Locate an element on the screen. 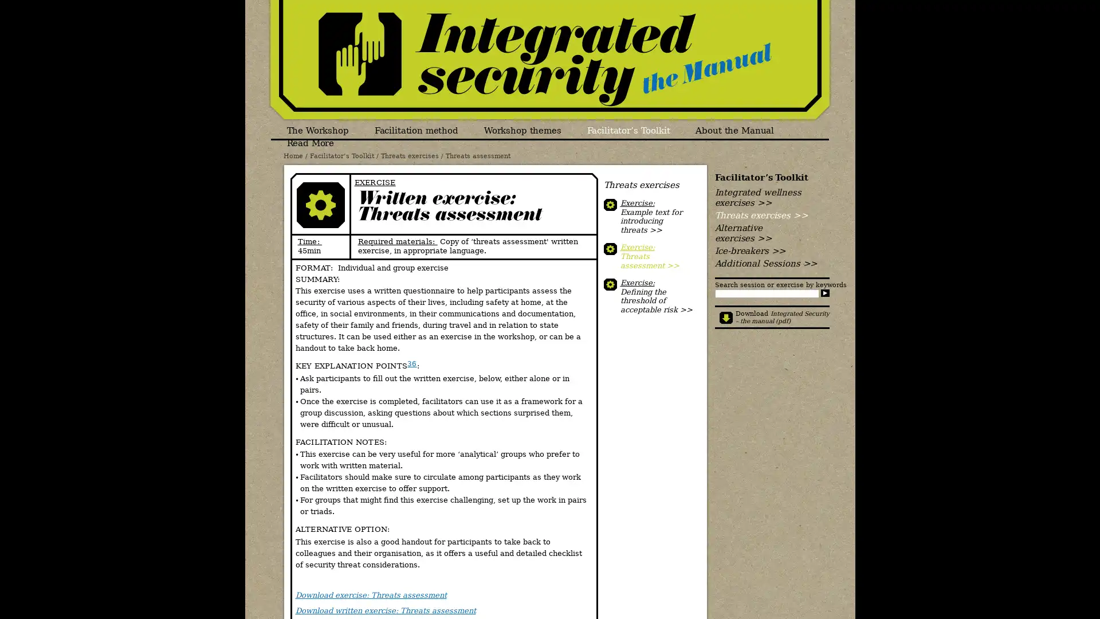 The height and width of the screenshot is (619, 1100). Search is located at coordinates (824, 292).